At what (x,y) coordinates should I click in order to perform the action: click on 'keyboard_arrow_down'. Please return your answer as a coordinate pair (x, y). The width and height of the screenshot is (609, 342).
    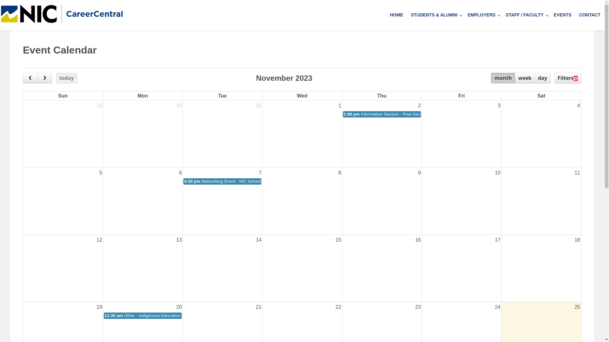
    Looking at the image, I should click on (547, 15).